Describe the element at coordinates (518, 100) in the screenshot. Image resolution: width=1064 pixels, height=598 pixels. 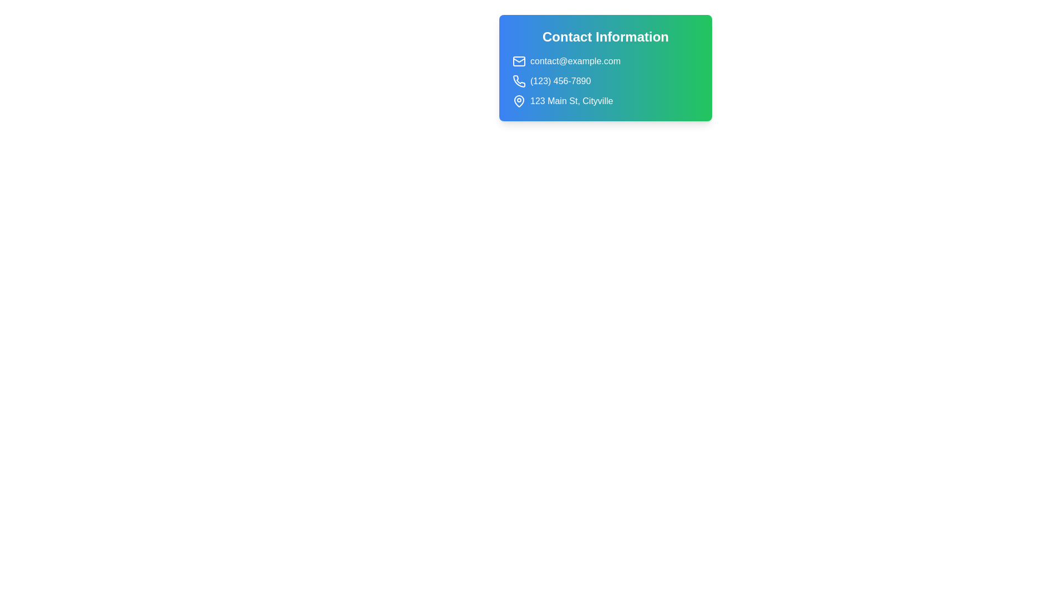
I see `the pin icon located at the bottom left of the '123 Main St, Cityville' text label, which is styled with a clean outline and serves as a location marker` at that location.